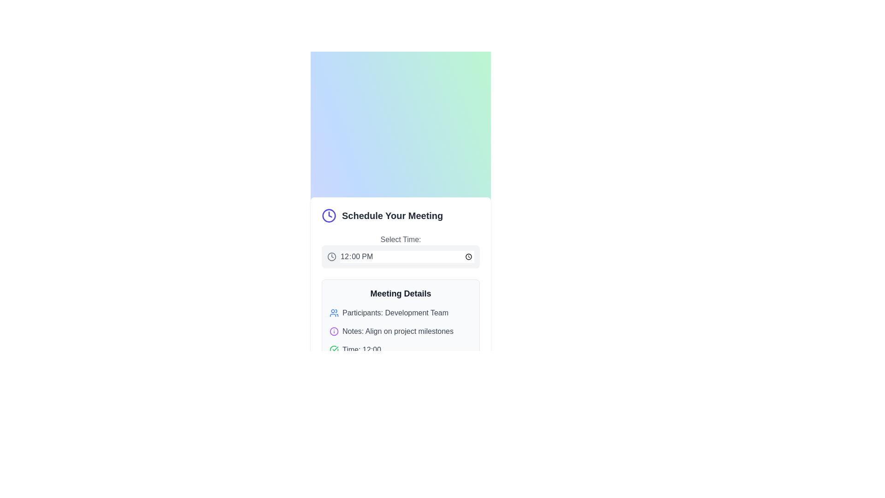  Describe the element at coordinates (401, 251) in the screenshot. I see `the Time selection input field` at that location.